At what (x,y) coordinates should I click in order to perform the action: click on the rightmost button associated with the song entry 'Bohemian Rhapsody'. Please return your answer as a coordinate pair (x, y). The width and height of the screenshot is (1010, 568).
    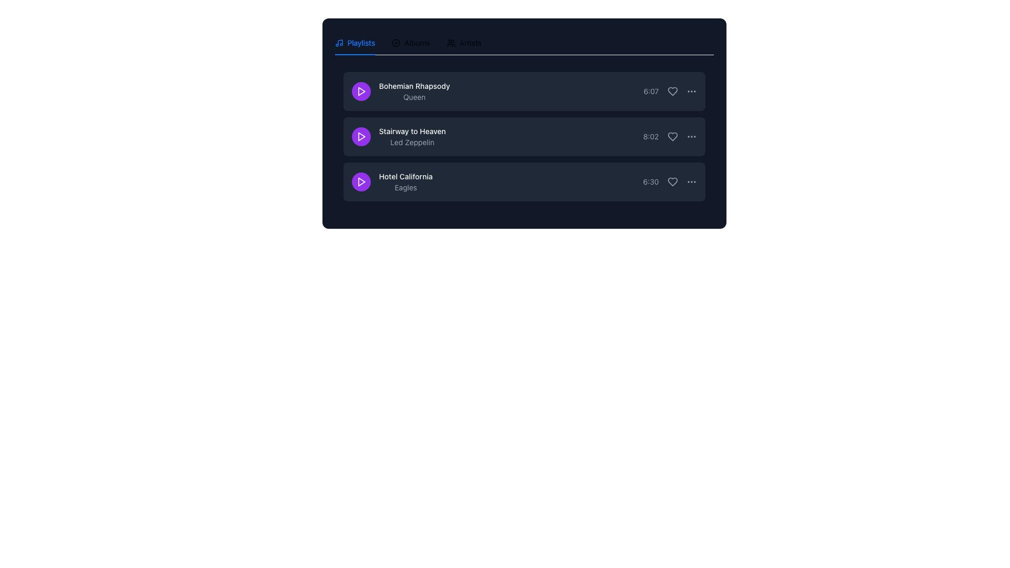
    Looking at the image, I should click on (691, 90).